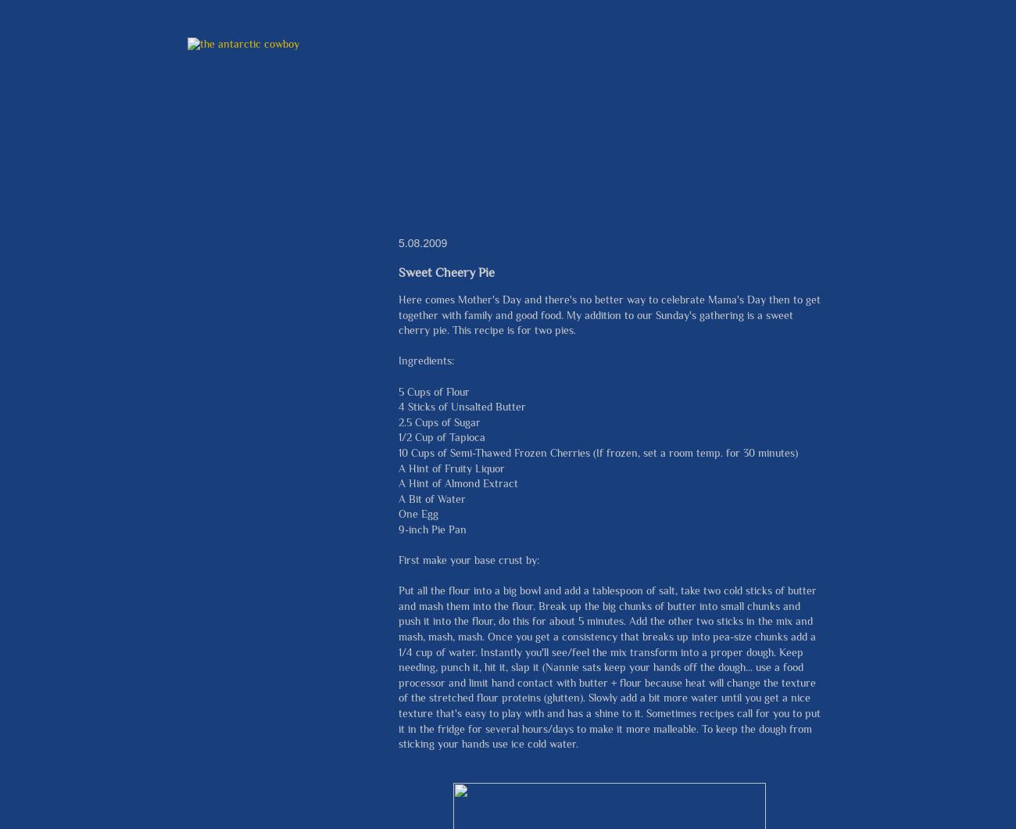 The height and width of the screenshot is (829, 1016). I want to click on '10 Cups of Semi-Thawed Frozen Cherries (If frozen, set a room temp. for 30 minutes)', so click(398, 452).